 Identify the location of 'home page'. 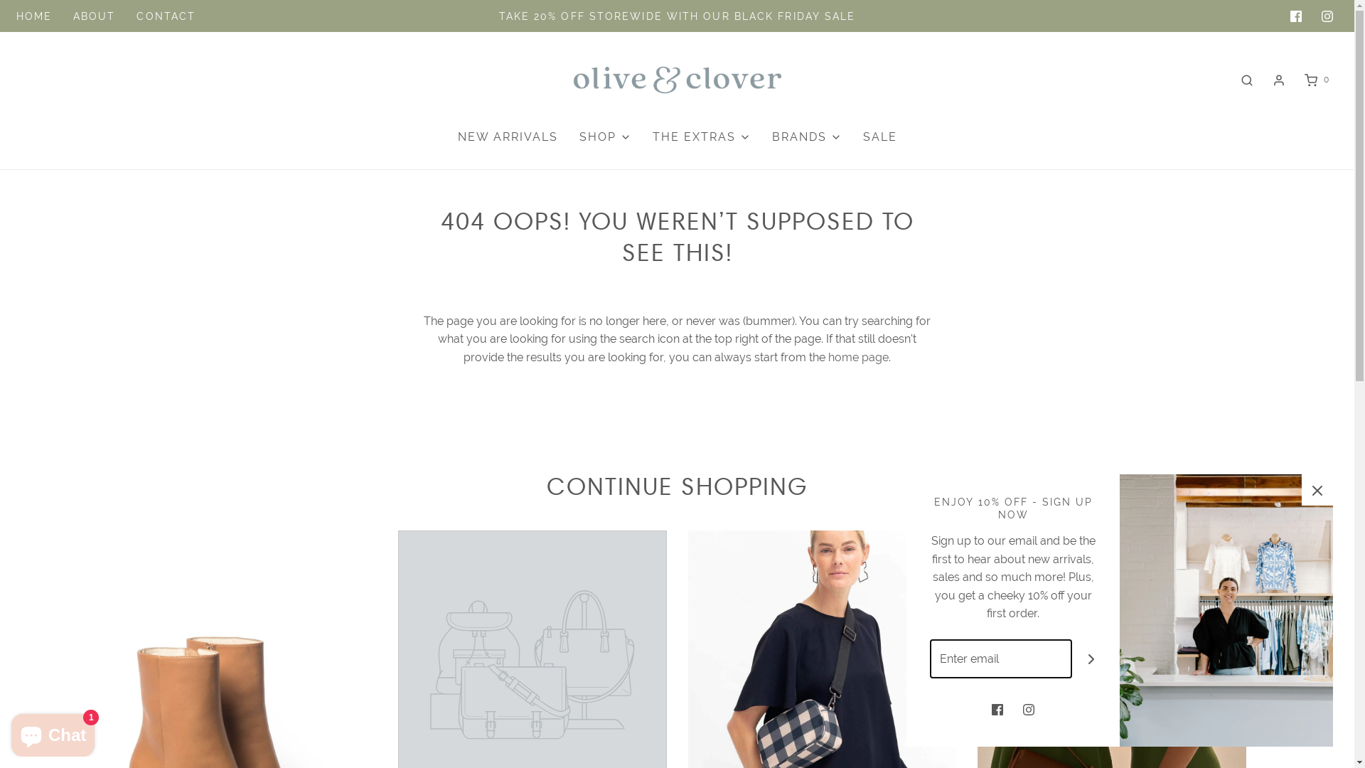
(857, 356).